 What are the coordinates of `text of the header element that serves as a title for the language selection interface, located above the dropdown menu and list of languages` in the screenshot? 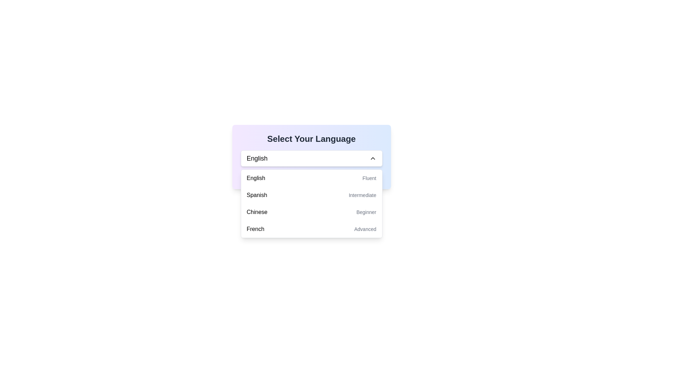 It's located at (311, 139).